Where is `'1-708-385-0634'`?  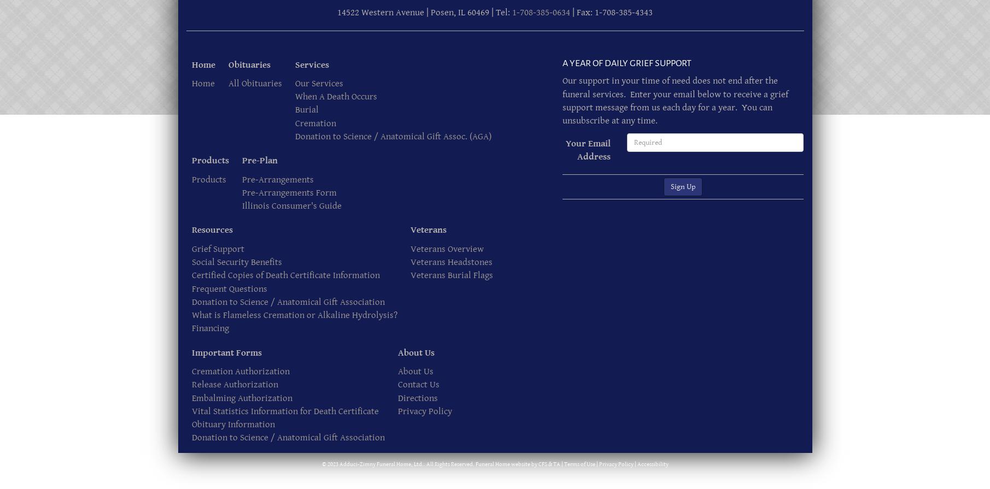 '1-708-385-0634' is located at coordinates (541, 13).